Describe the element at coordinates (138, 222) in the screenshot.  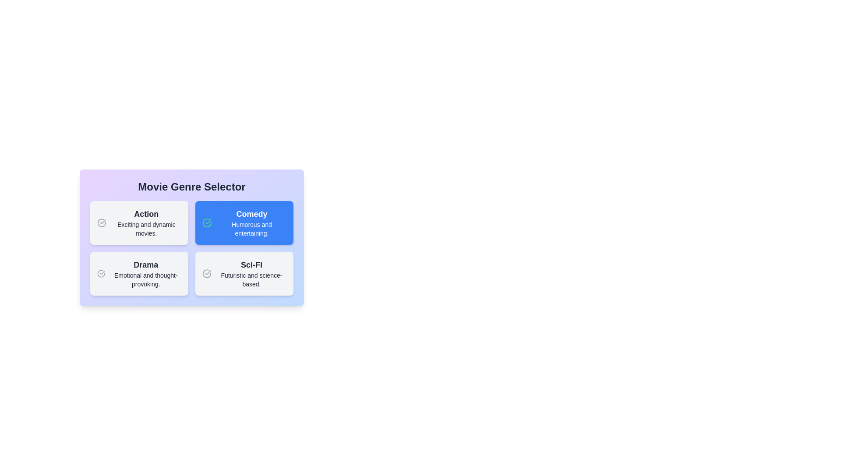
I see `the genre card labeled Action` at that location.